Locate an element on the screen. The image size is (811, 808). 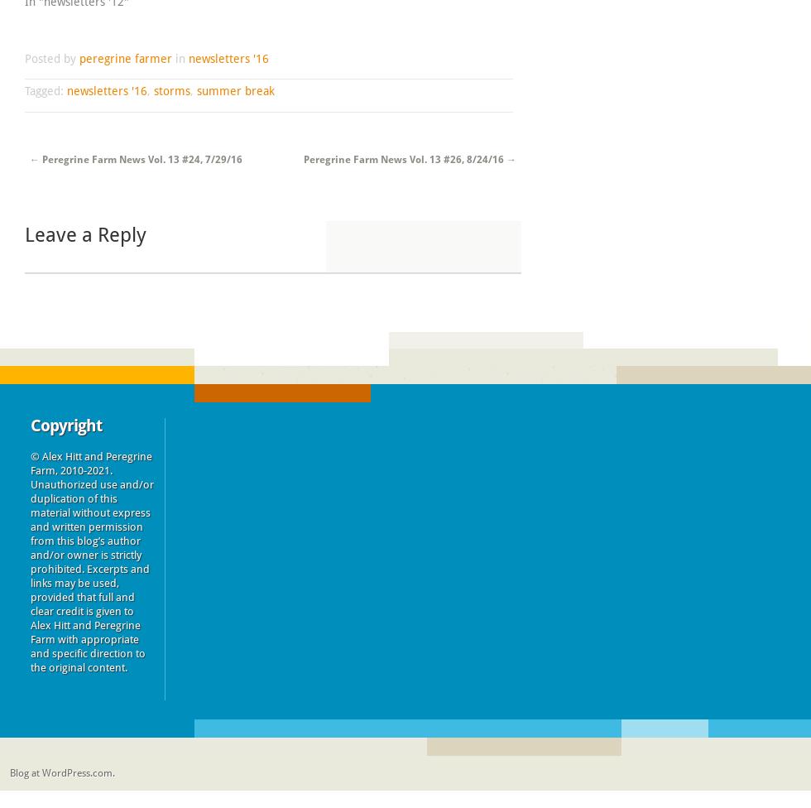
'storms' is located at coordinates (171, 90).